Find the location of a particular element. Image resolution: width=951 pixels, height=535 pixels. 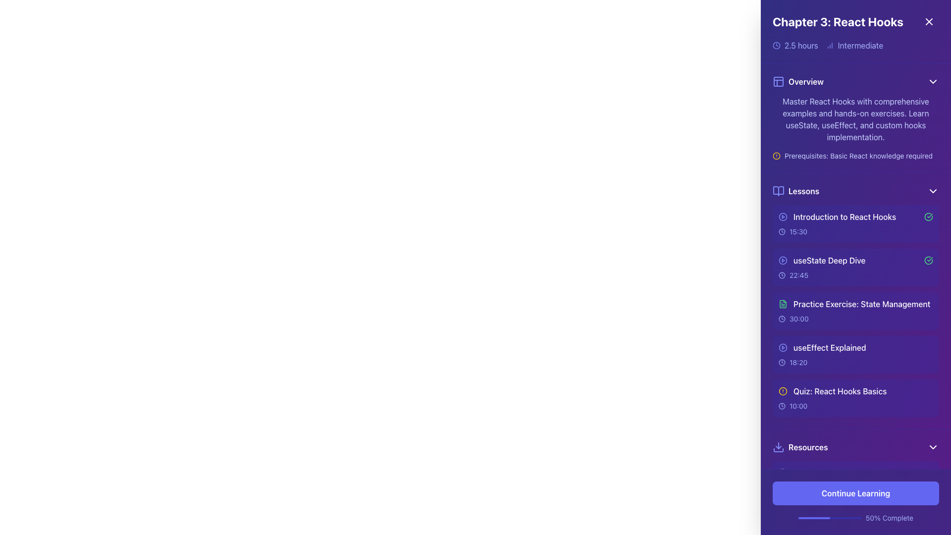

the open book icon located at the start of the 'Lessons' section in the right sidebar, positioned left of the 'Lessons' label is located at coordinates (778, 191).